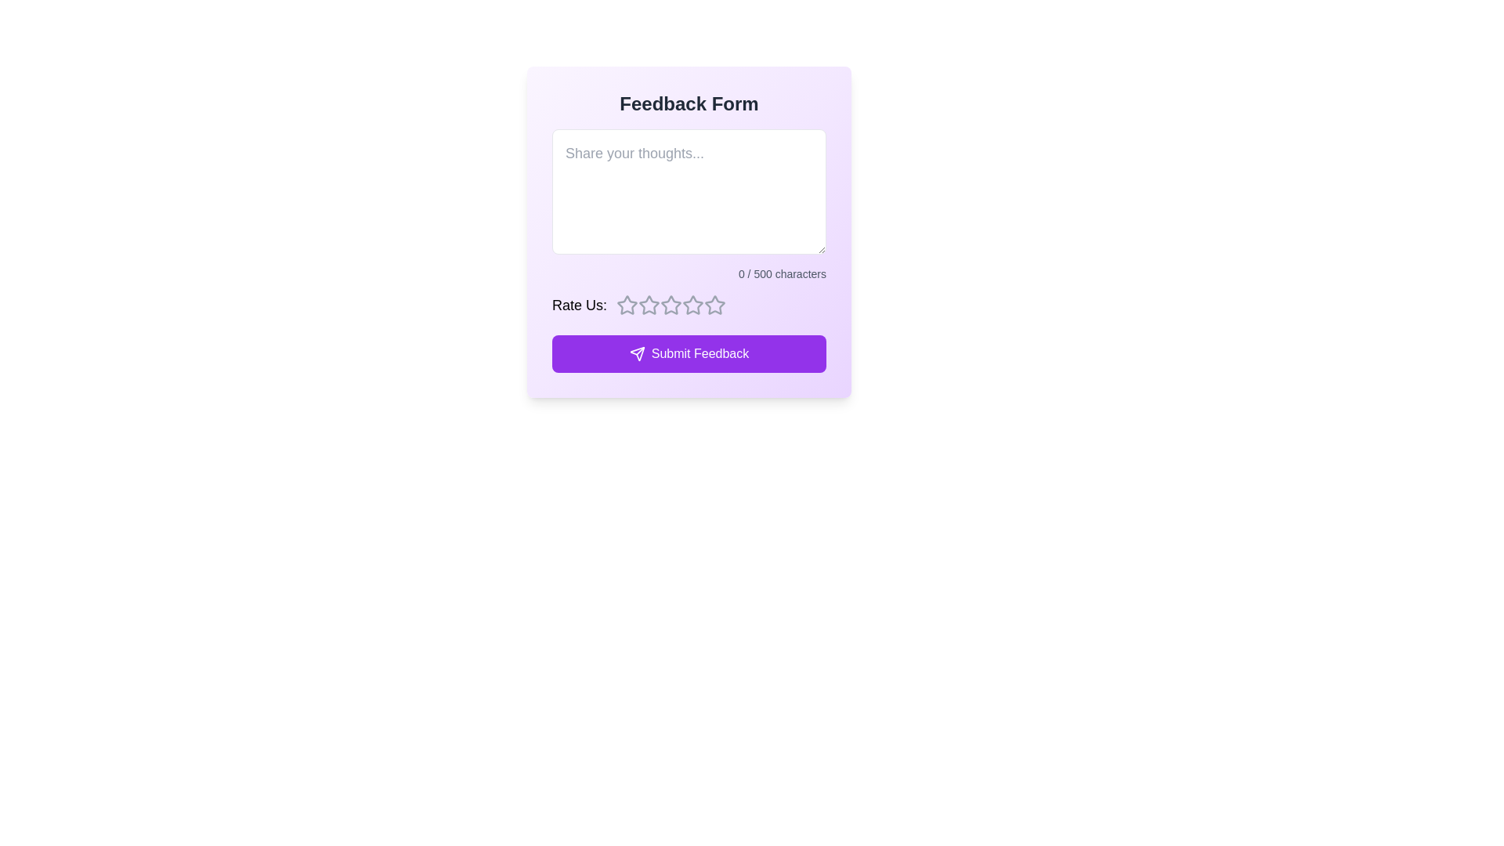 The image size is (1504, 846). What do you see at coordinates (671, 305) in the screenshot?
I see `the third star icon in the rating section under the text 'Rate Us:'` at bounding box center [671, 305].